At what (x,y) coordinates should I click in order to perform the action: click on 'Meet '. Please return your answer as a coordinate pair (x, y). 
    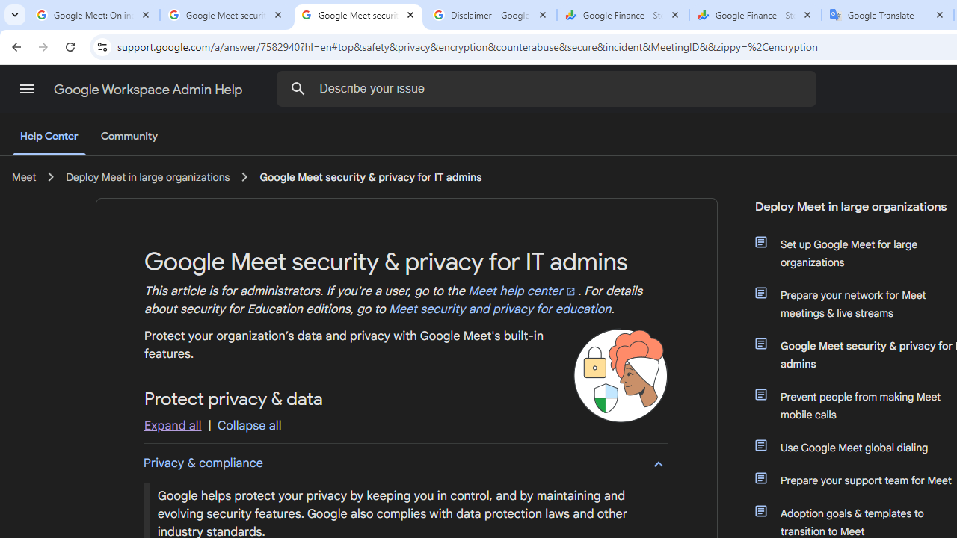
    Looking at the image, I should click on (24, 176).